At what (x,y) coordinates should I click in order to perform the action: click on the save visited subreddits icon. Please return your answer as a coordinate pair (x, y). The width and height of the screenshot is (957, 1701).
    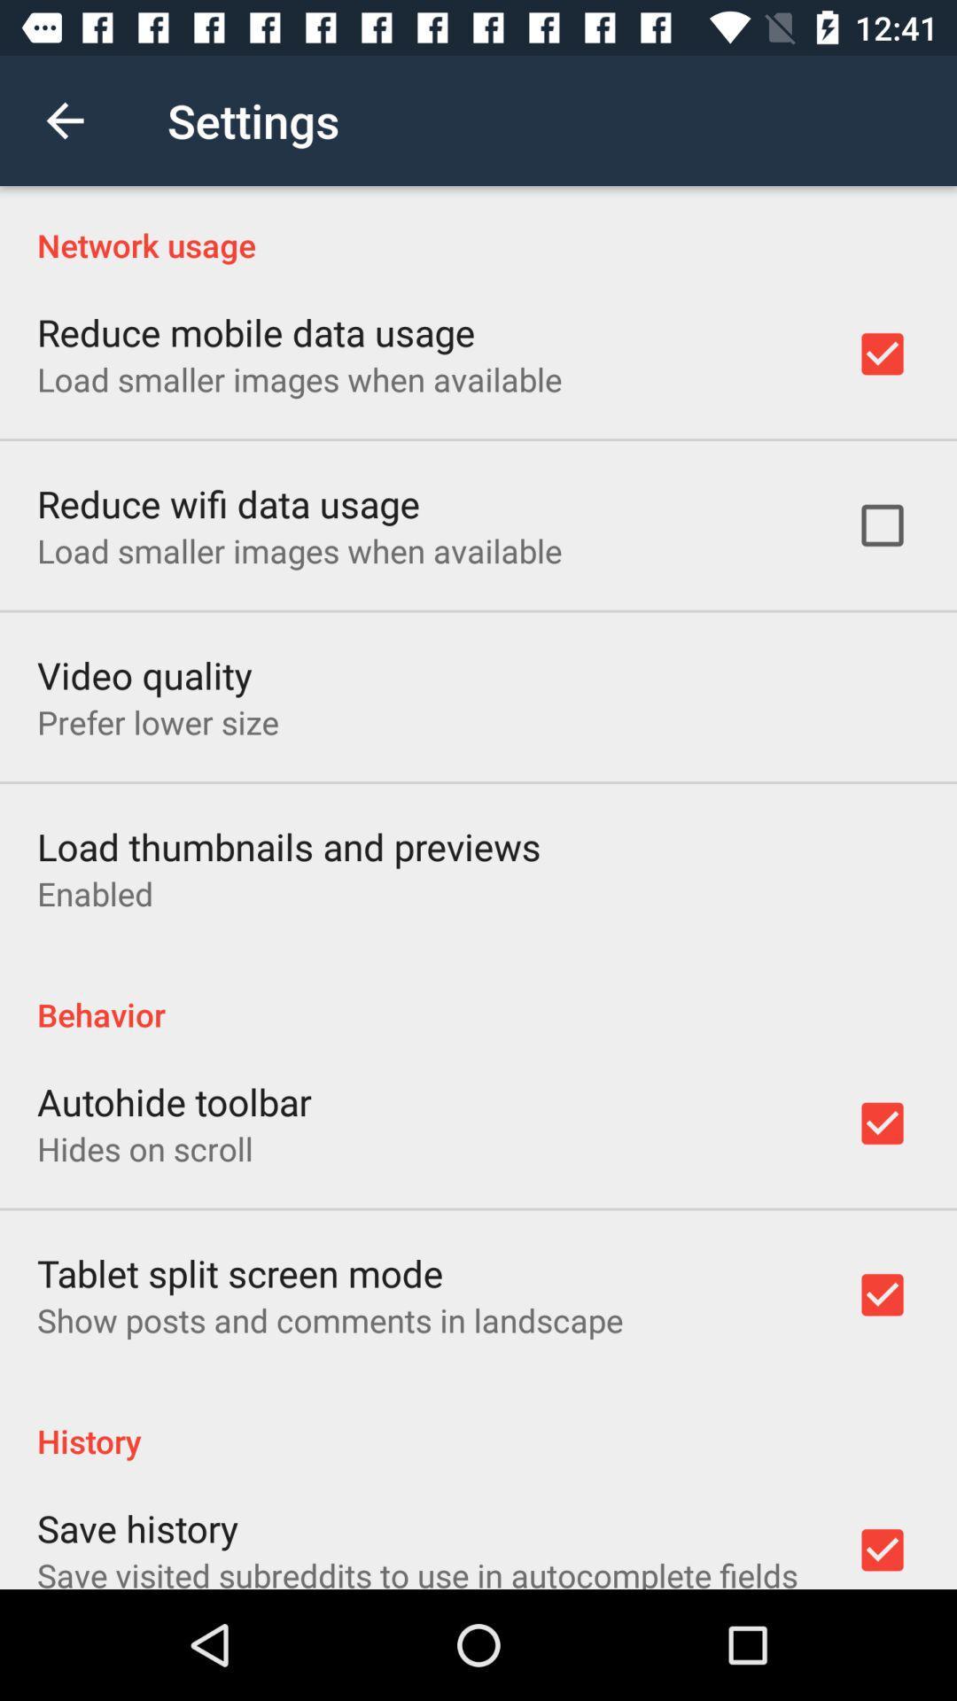
    Looking at the image, I should click on (417, 1571).